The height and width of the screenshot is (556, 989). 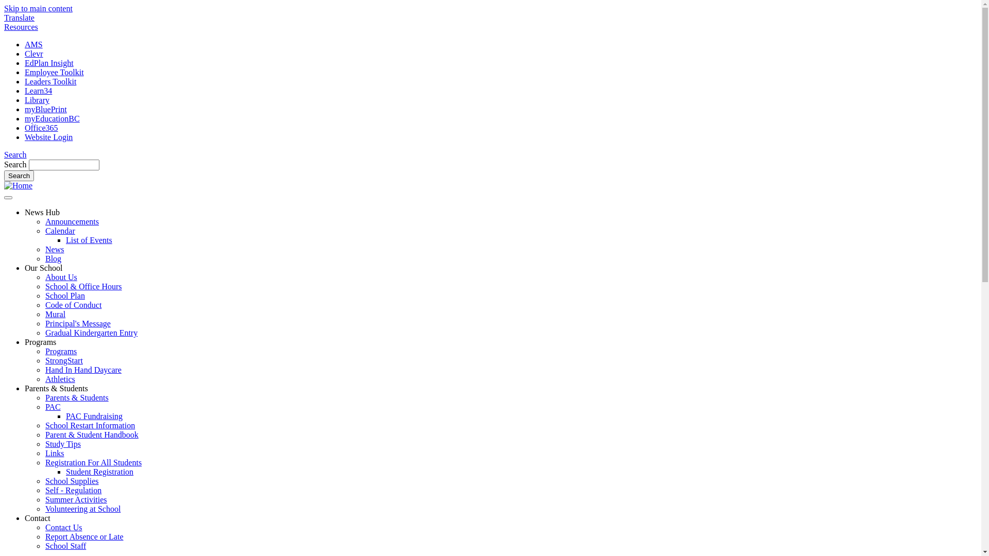 What do you see at coordinates (83, 369) in the screenshot?
I see `'Hand In Hand Daycare'` at bounding box center [83, 369].